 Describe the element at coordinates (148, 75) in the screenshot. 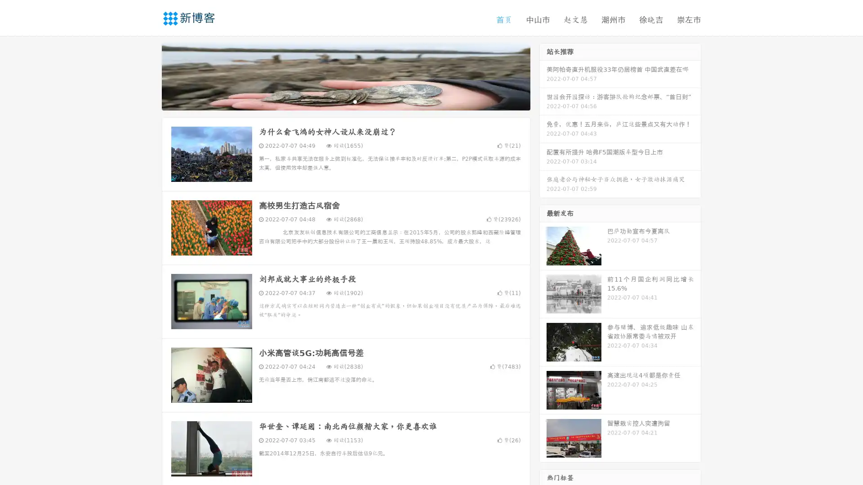

I see `Previous slide` at that location.